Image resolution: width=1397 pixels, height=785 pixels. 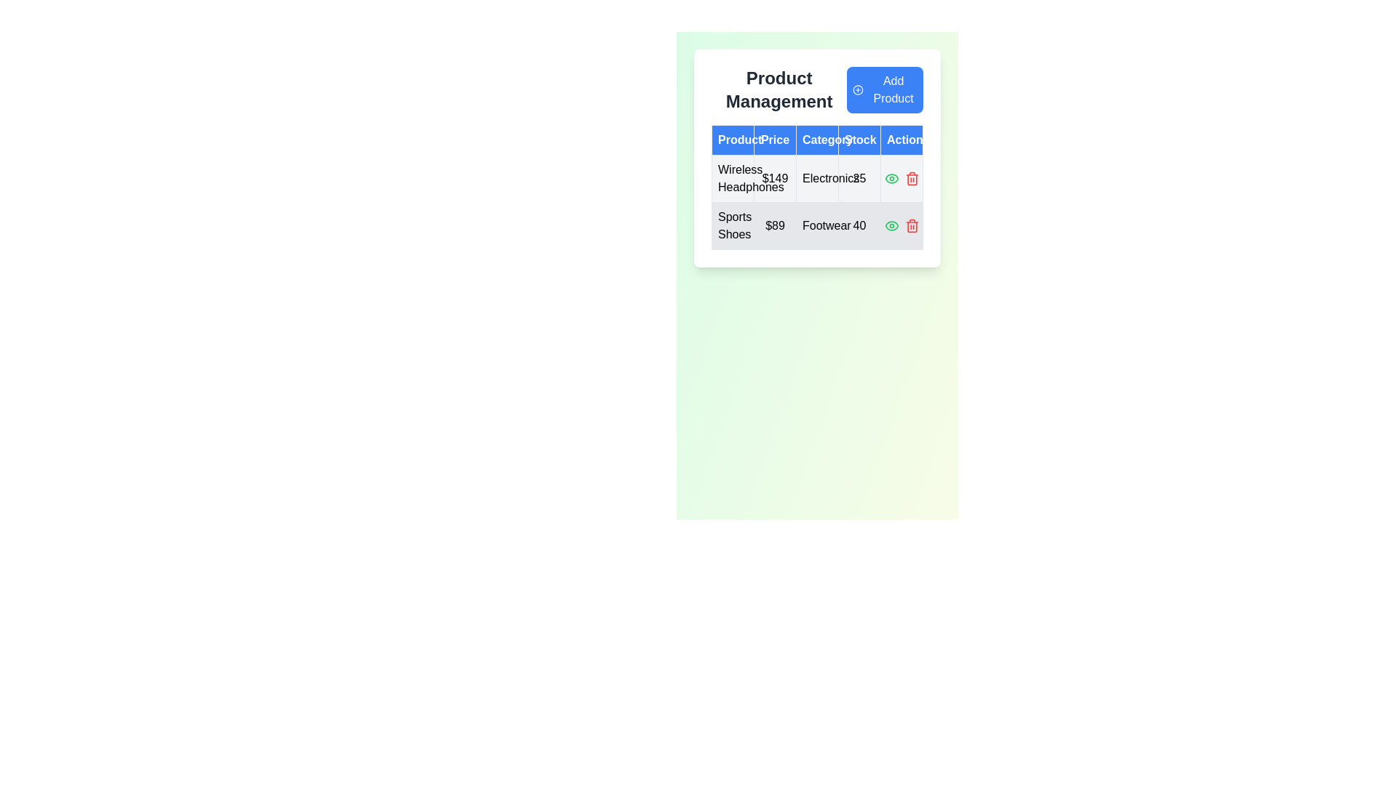 What do you see at coordinates (901, 178) in the screenshot?
I see `the trash bin icon in the interactive control group located in the first row of the product management table` at bounding box center [901, 178].